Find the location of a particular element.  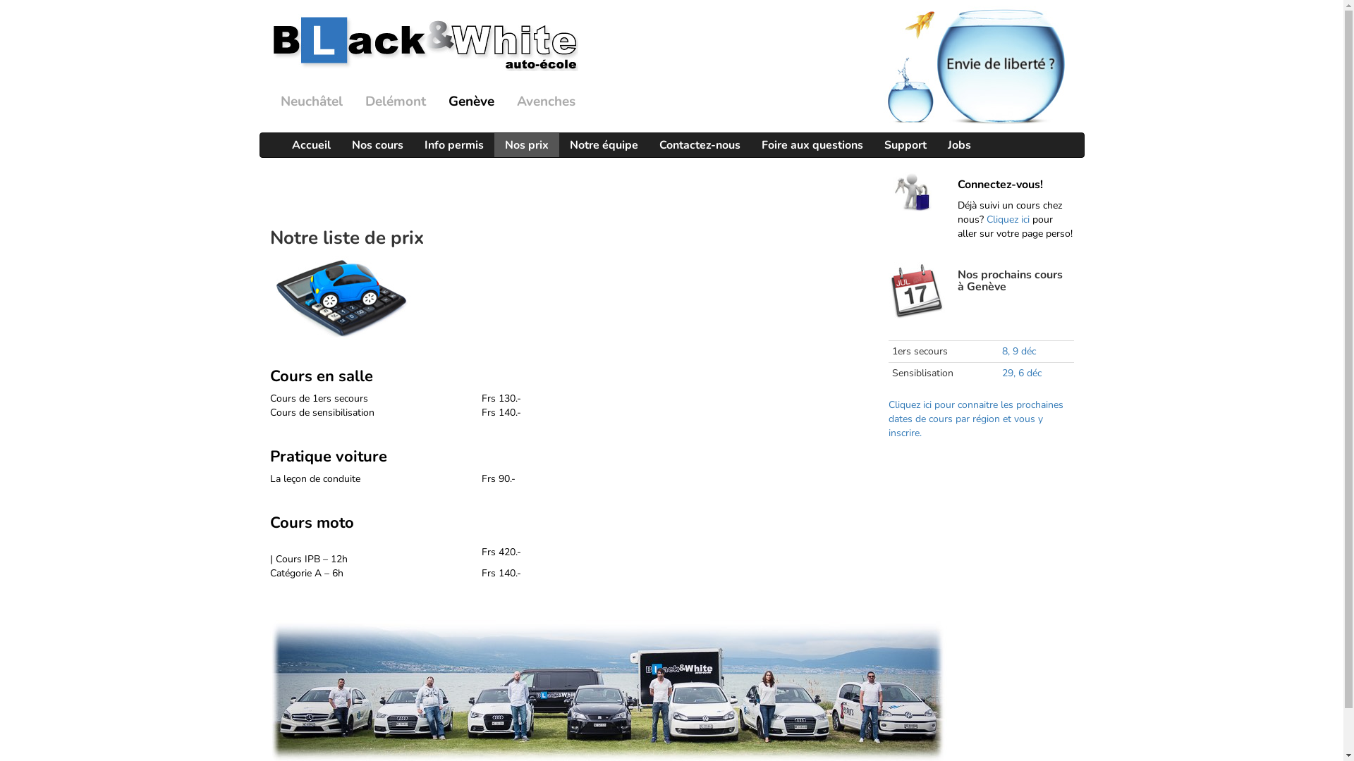

'Accueil' is located at coordinates (310, 144).